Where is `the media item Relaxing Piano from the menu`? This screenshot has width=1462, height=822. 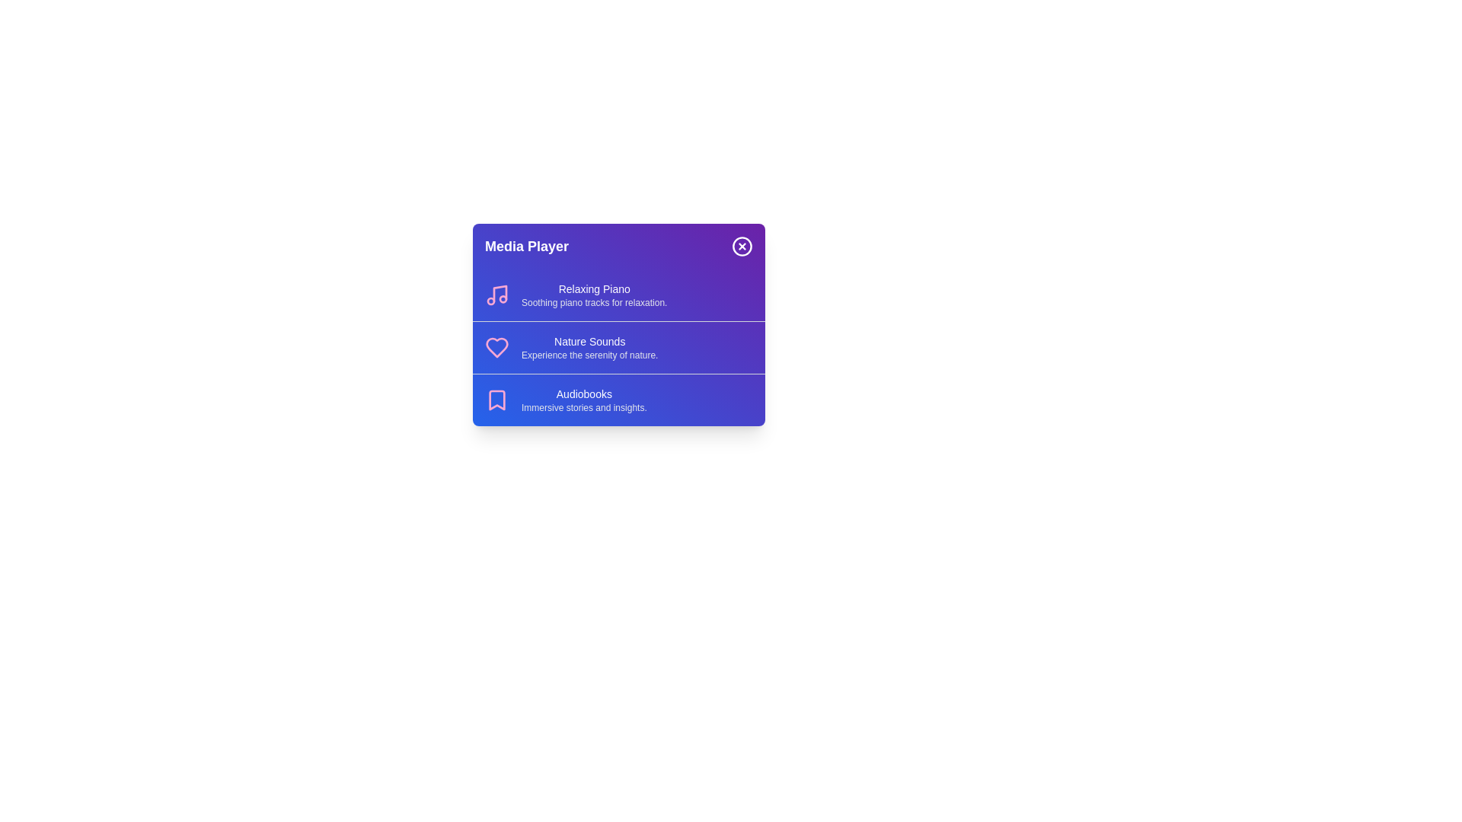
the media item Relaxing Piano from the menu is located at coordinates (618, 295).